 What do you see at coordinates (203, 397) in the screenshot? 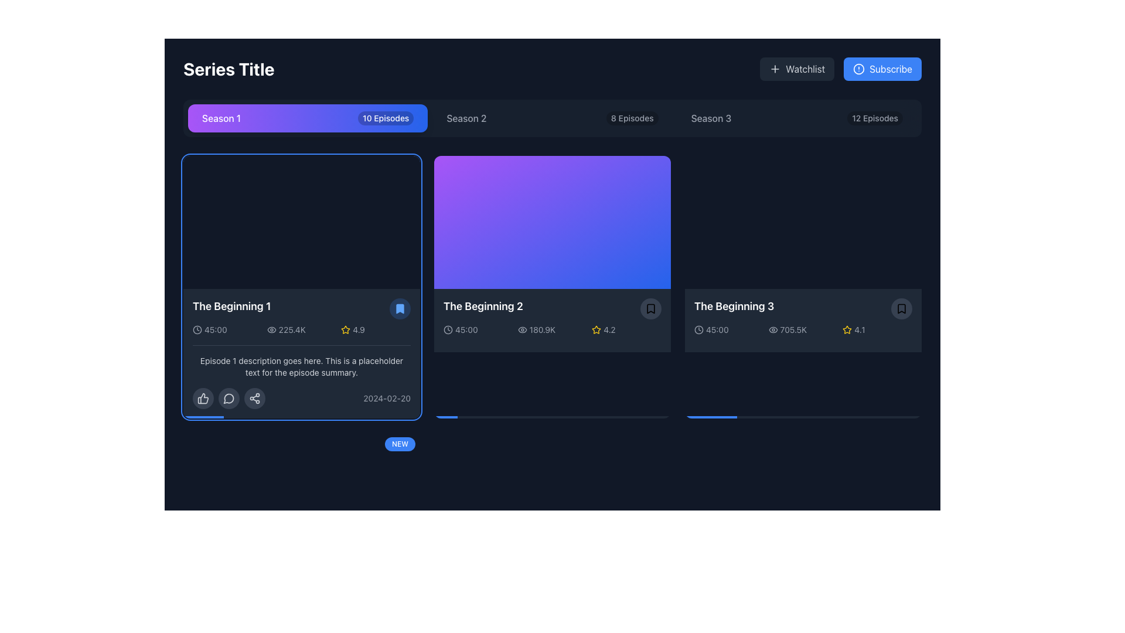
I see `the 'Like' button located at the bottom-left corner of the card labeled 'The Beginning 1'` at bounding box center [203, 397].